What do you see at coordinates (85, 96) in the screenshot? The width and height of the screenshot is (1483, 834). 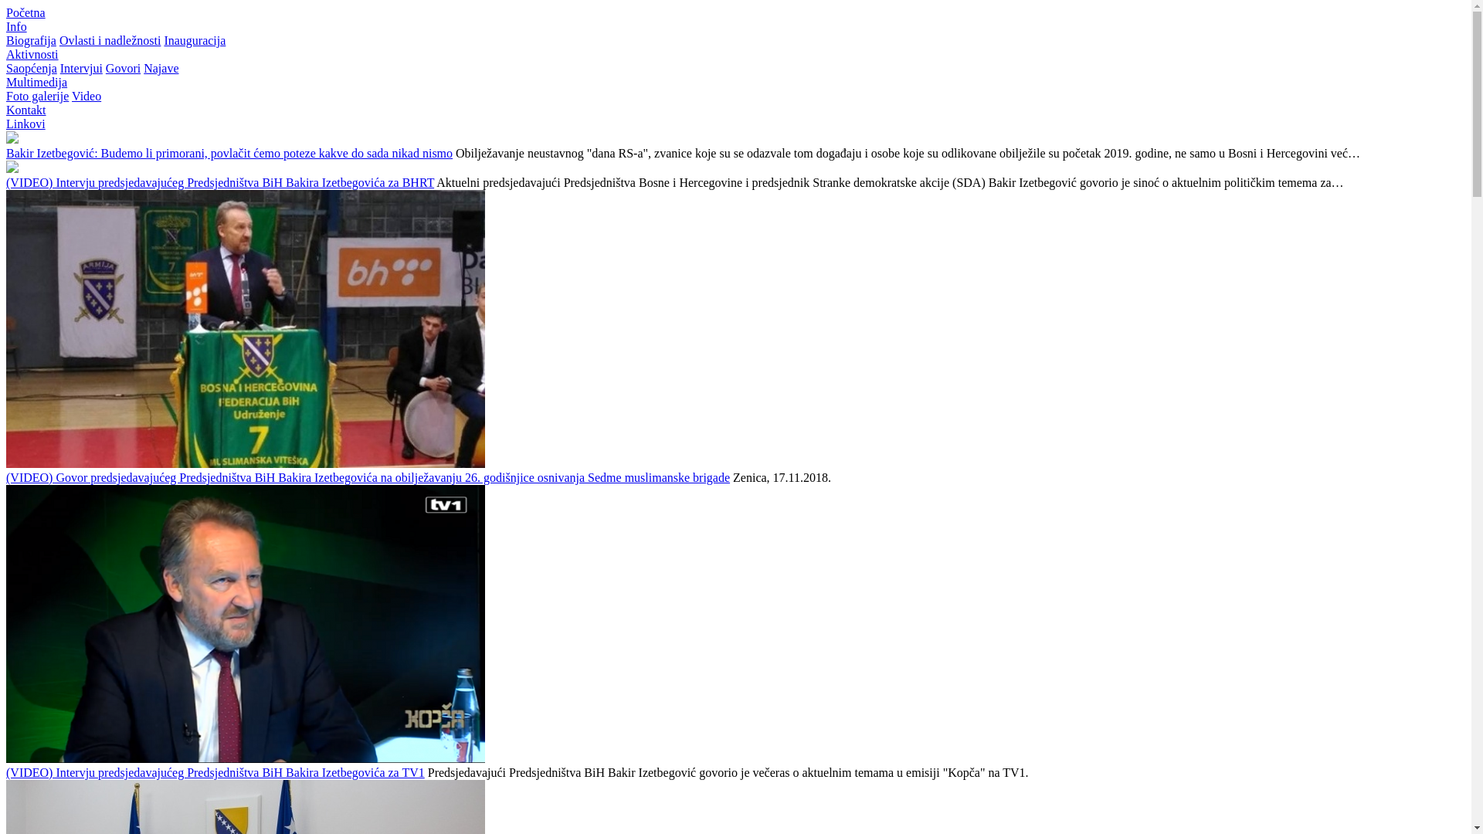 I see `'Video'` at bounding box center [85, 96].